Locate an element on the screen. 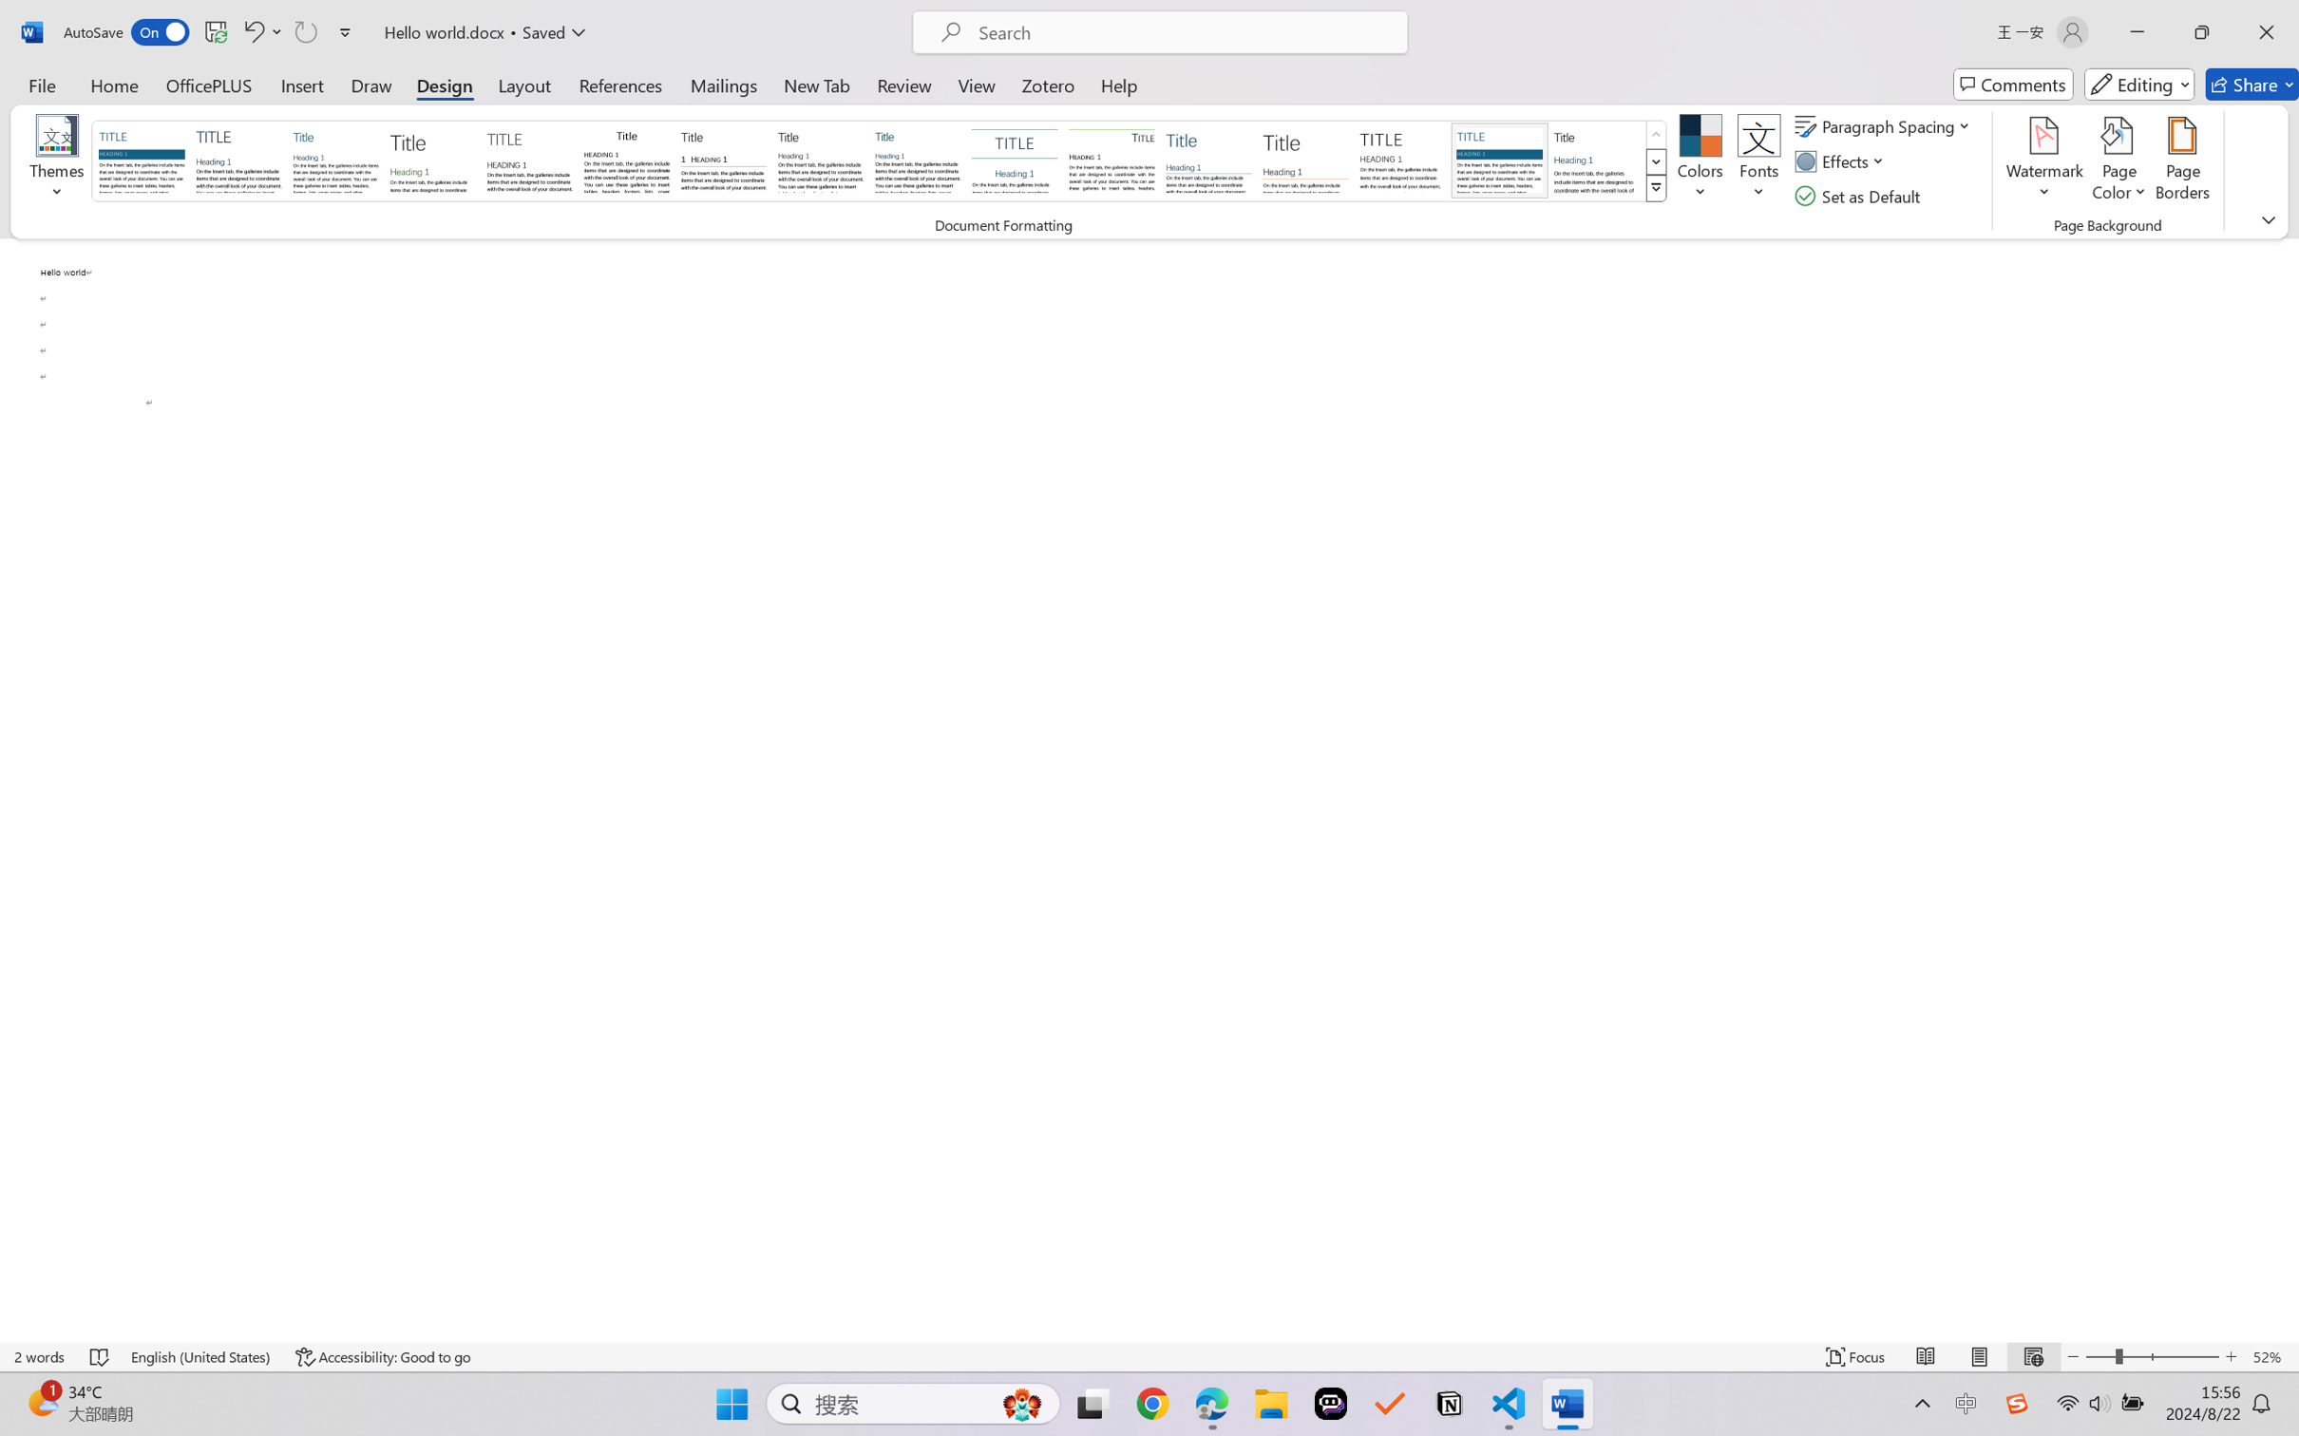  'Black & White (Numbered)' is located at coordinates (724, 160).